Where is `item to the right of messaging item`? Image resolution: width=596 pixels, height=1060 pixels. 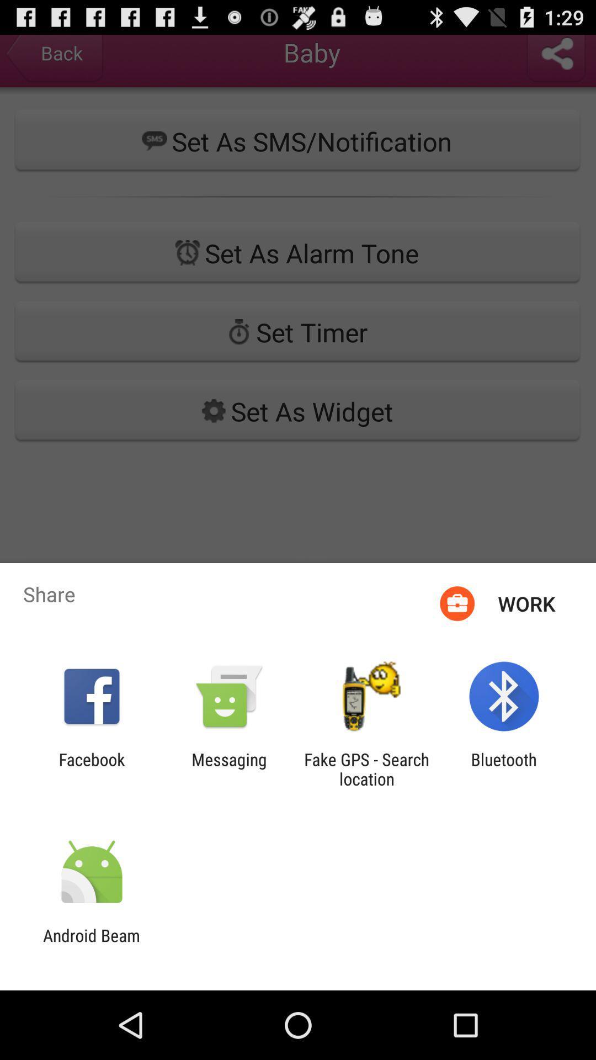
item to the right of messaging item is located at coordinates (366, 768).